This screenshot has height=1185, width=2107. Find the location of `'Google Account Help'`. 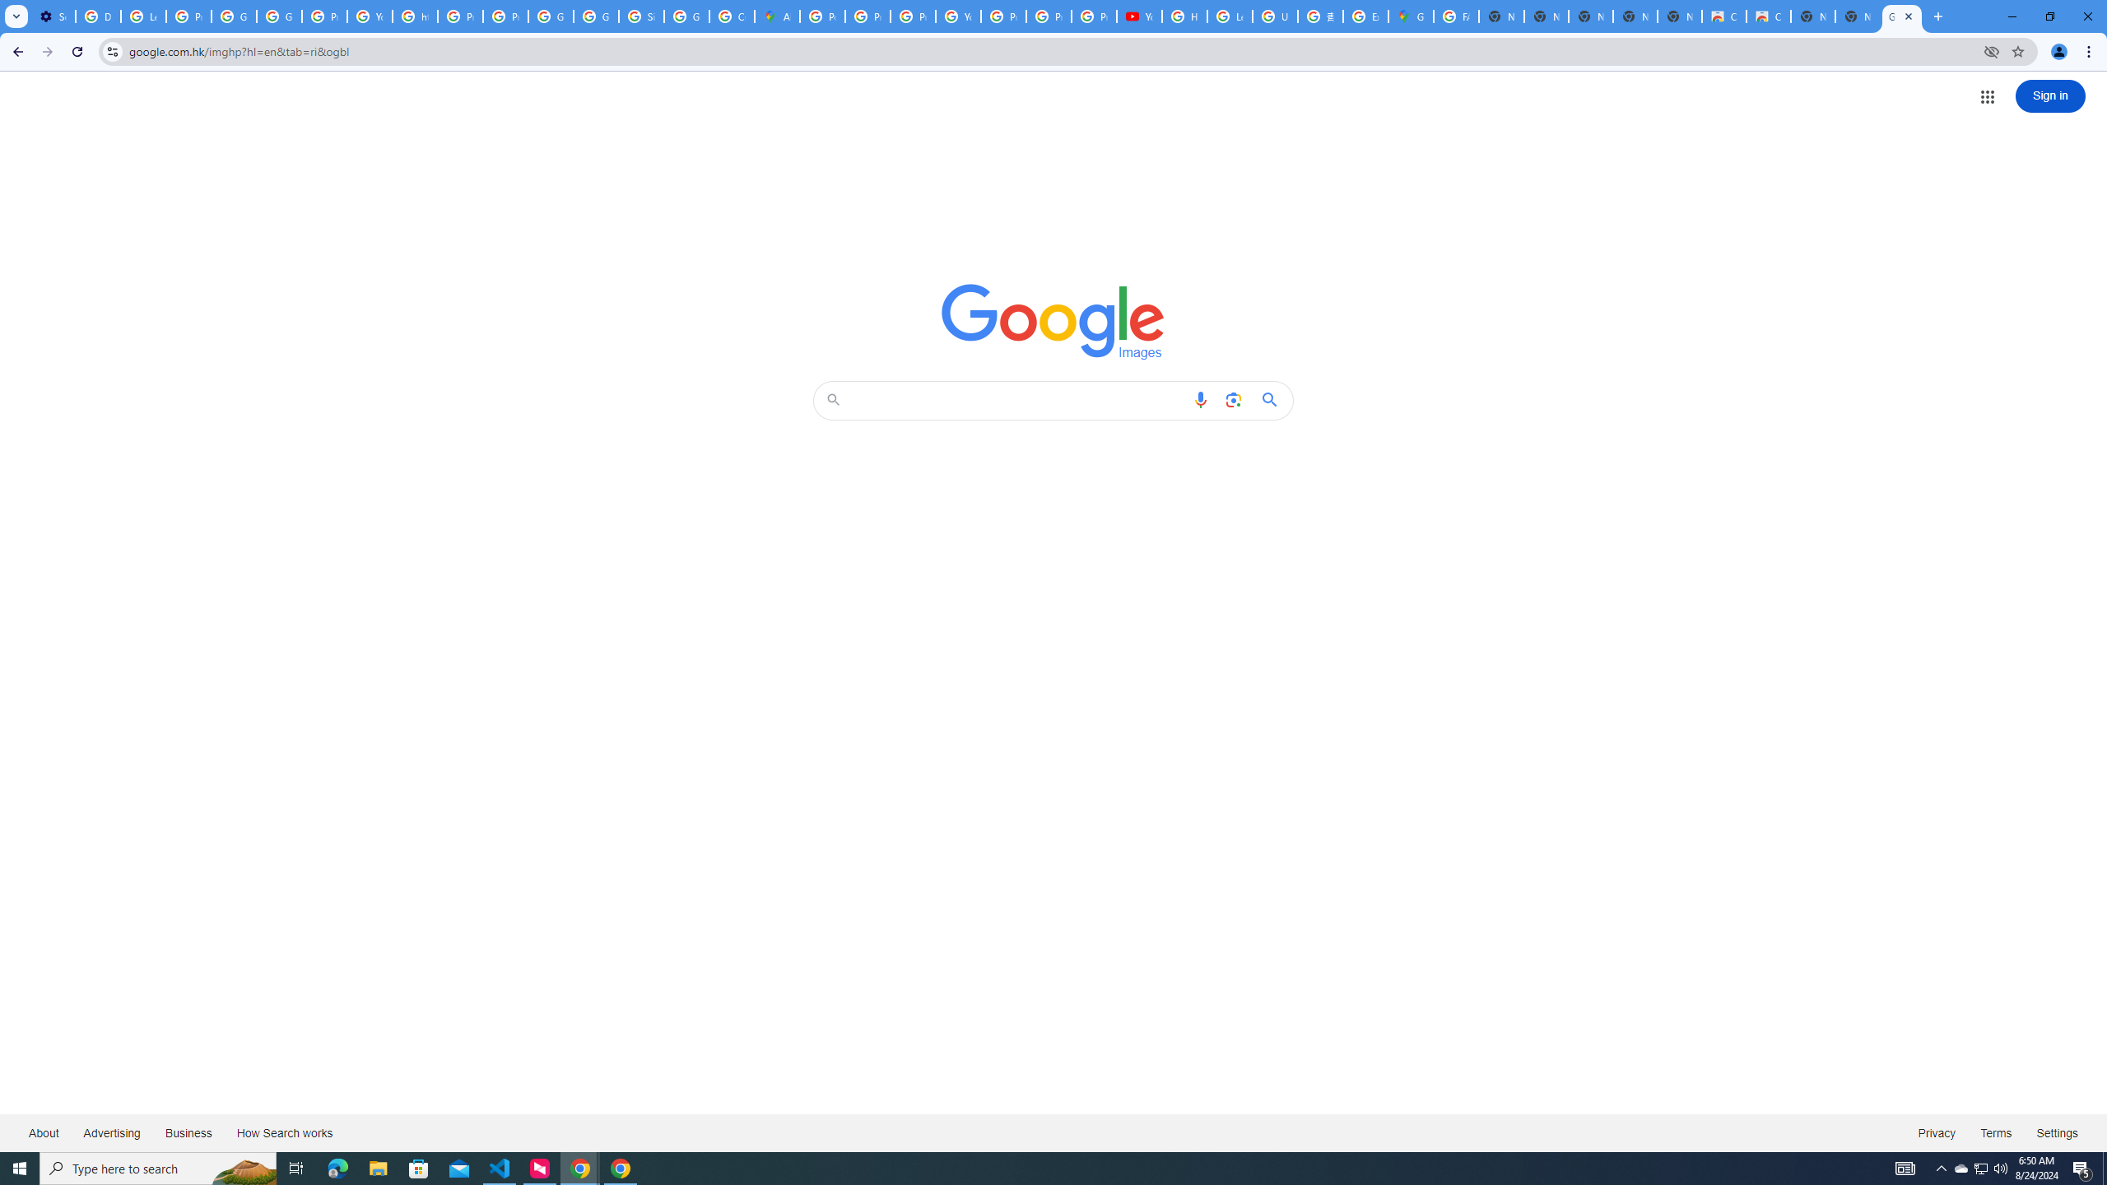

'Google Account Help' is located at coordinates (234, 16).